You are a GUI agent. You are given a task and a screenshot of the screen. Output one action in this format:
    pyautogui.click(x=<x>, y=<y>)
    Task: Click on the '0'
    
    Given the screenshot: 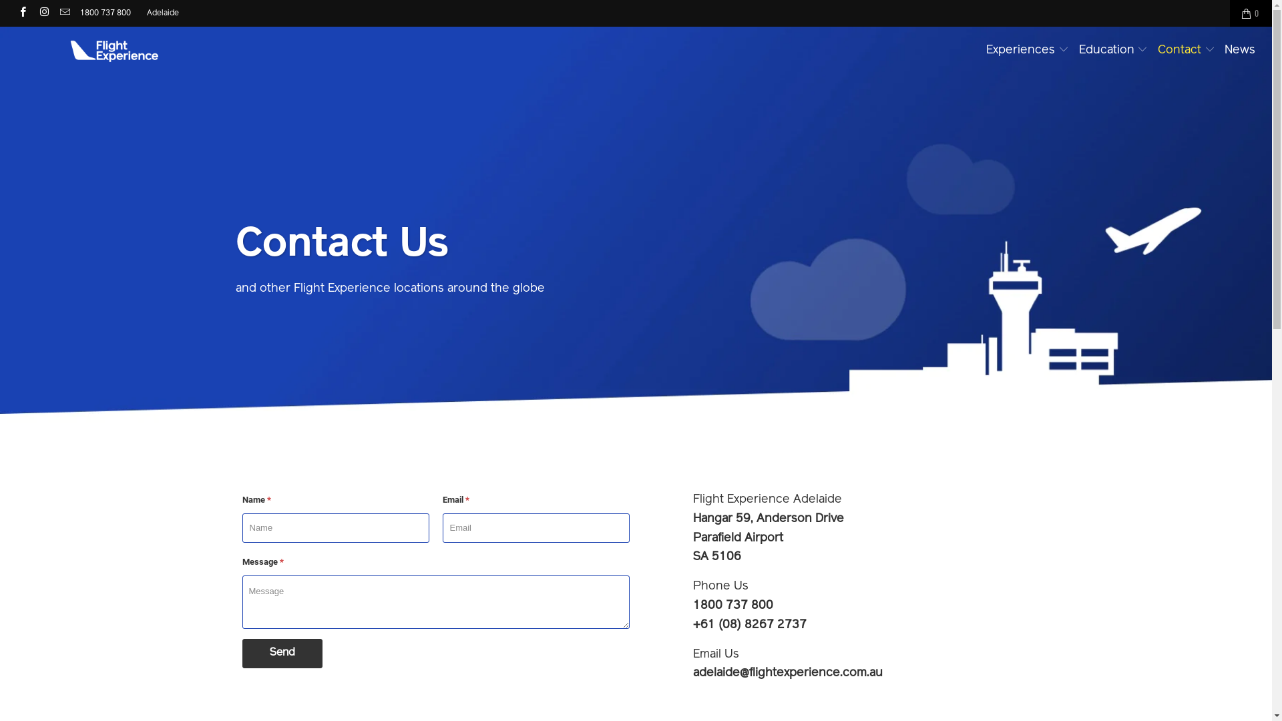 What is the action you would take?
    pyautogui.click(x=1250, y=13)
    